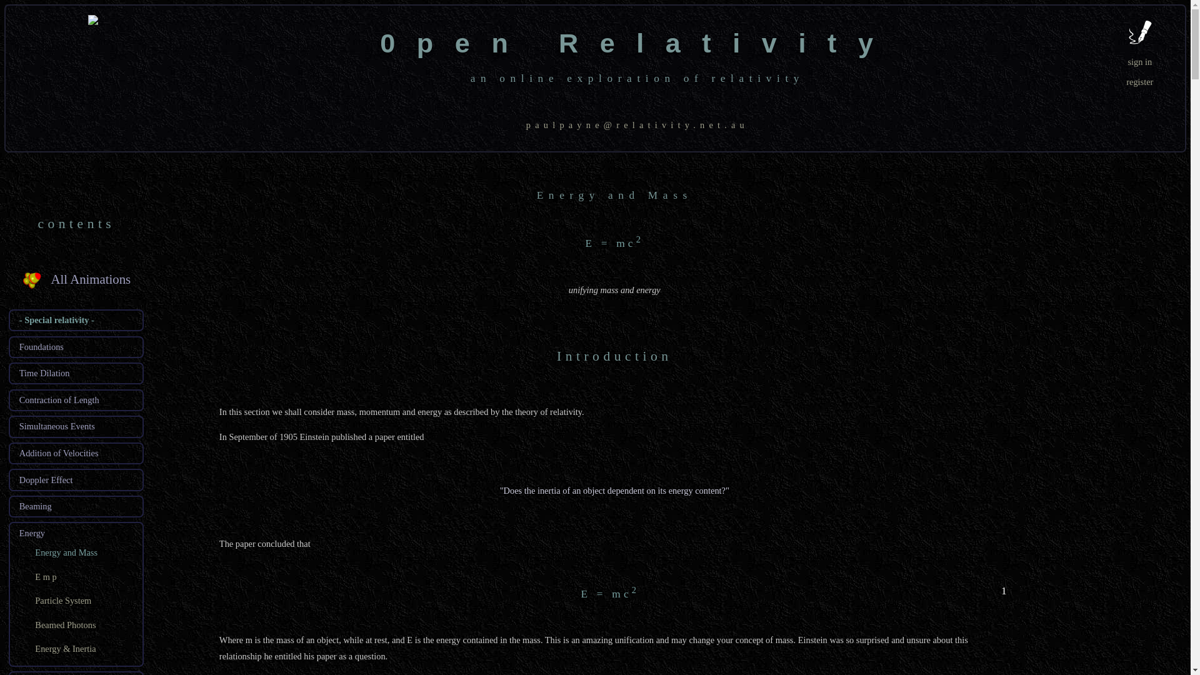 This screenshot has width=1200, height=675. Describe the element at coordinates (65, 551) in the screenshot. I see `'Energy and Mass'` at that location.